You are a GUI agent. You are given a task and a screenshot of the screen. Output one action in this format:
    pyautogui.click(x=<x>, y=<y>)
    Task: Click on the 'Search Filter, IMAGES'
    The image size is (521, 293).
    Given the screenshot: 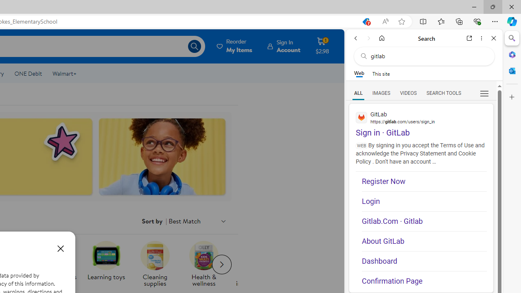 What is the action you would take?
    pyautogui.click(x=381, y=92)
    